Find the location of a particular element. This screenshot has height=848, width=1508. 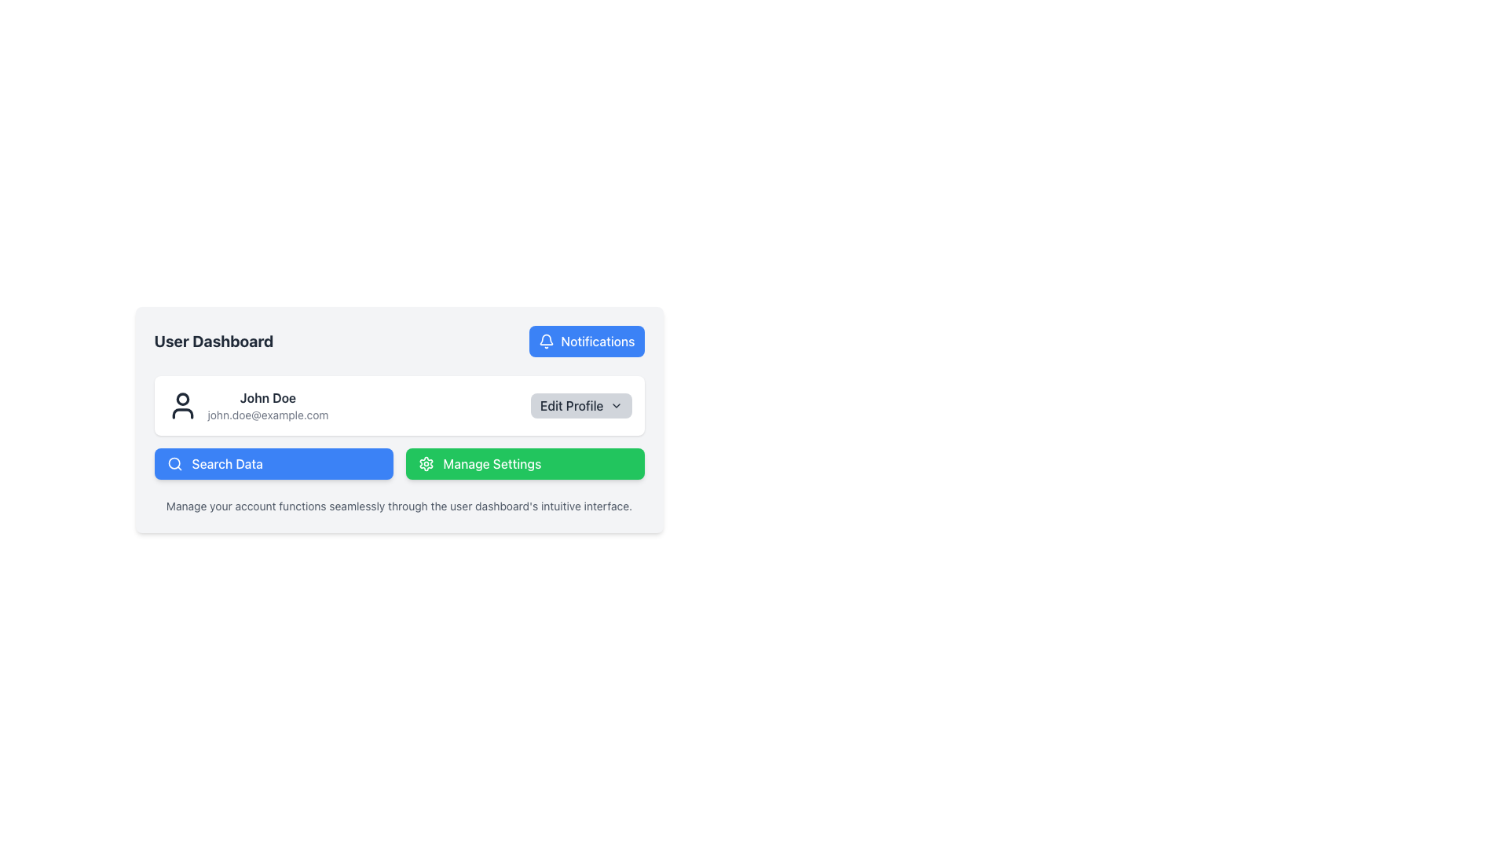

the Text display element that shows the name 'John Doe' and the email 'john.doe@example.com', located in the profile information section of the dashboard is located at coordinates (268, 404).